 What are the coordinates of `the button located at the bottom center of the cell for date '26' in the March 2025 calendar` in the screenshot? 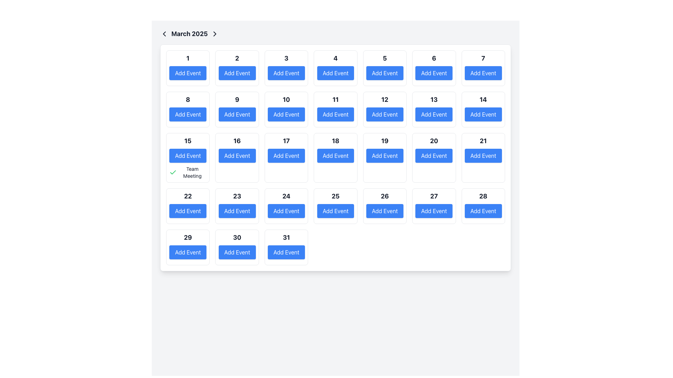 It's located at (384, 210).